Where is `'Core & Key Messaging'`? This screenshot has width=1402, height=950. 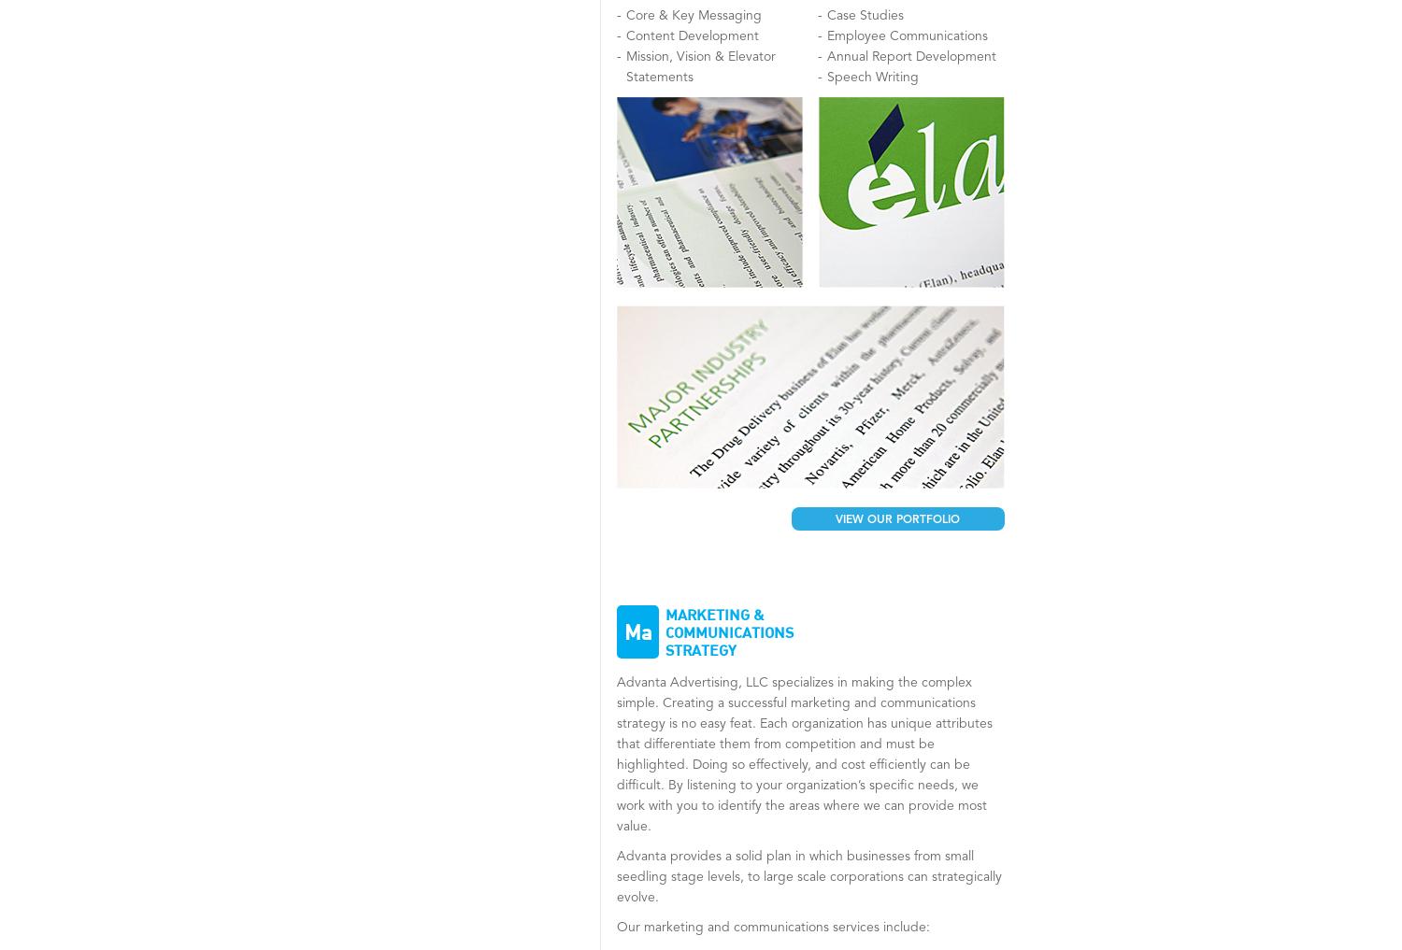 'Core & Key Messaging' is located at coordinates (626, 14).